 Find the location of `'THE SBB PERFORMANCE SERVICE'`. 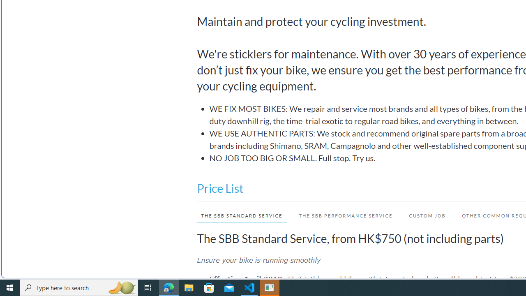

'THE SBB PERFORMANCE SERVICE' is located at coordinates (342, 215).